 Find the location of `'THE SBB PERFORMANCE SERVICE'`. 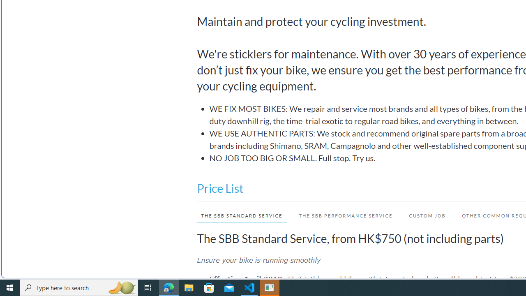

'THE SBB PERFORMANCE SERVICE' is located at coordinates (342, 215).